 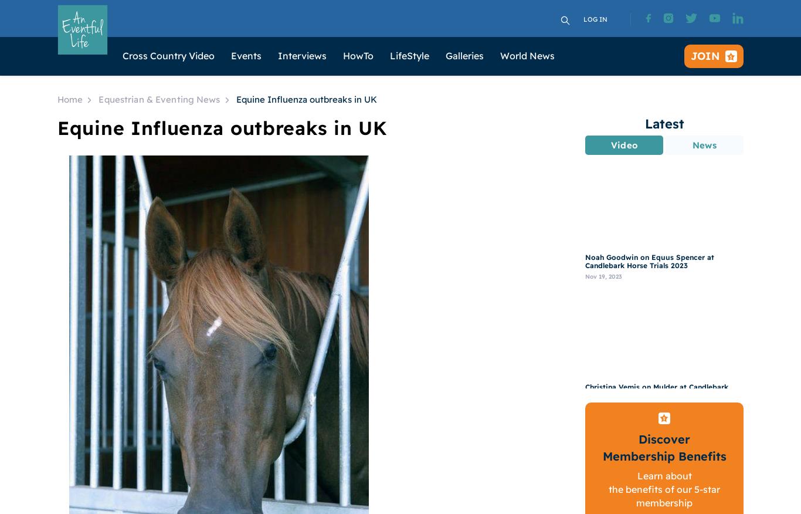 What do you see at coordinates (422, 218) in the screenshot?
I see `'Promotions'` at bounding box center [422, 218].